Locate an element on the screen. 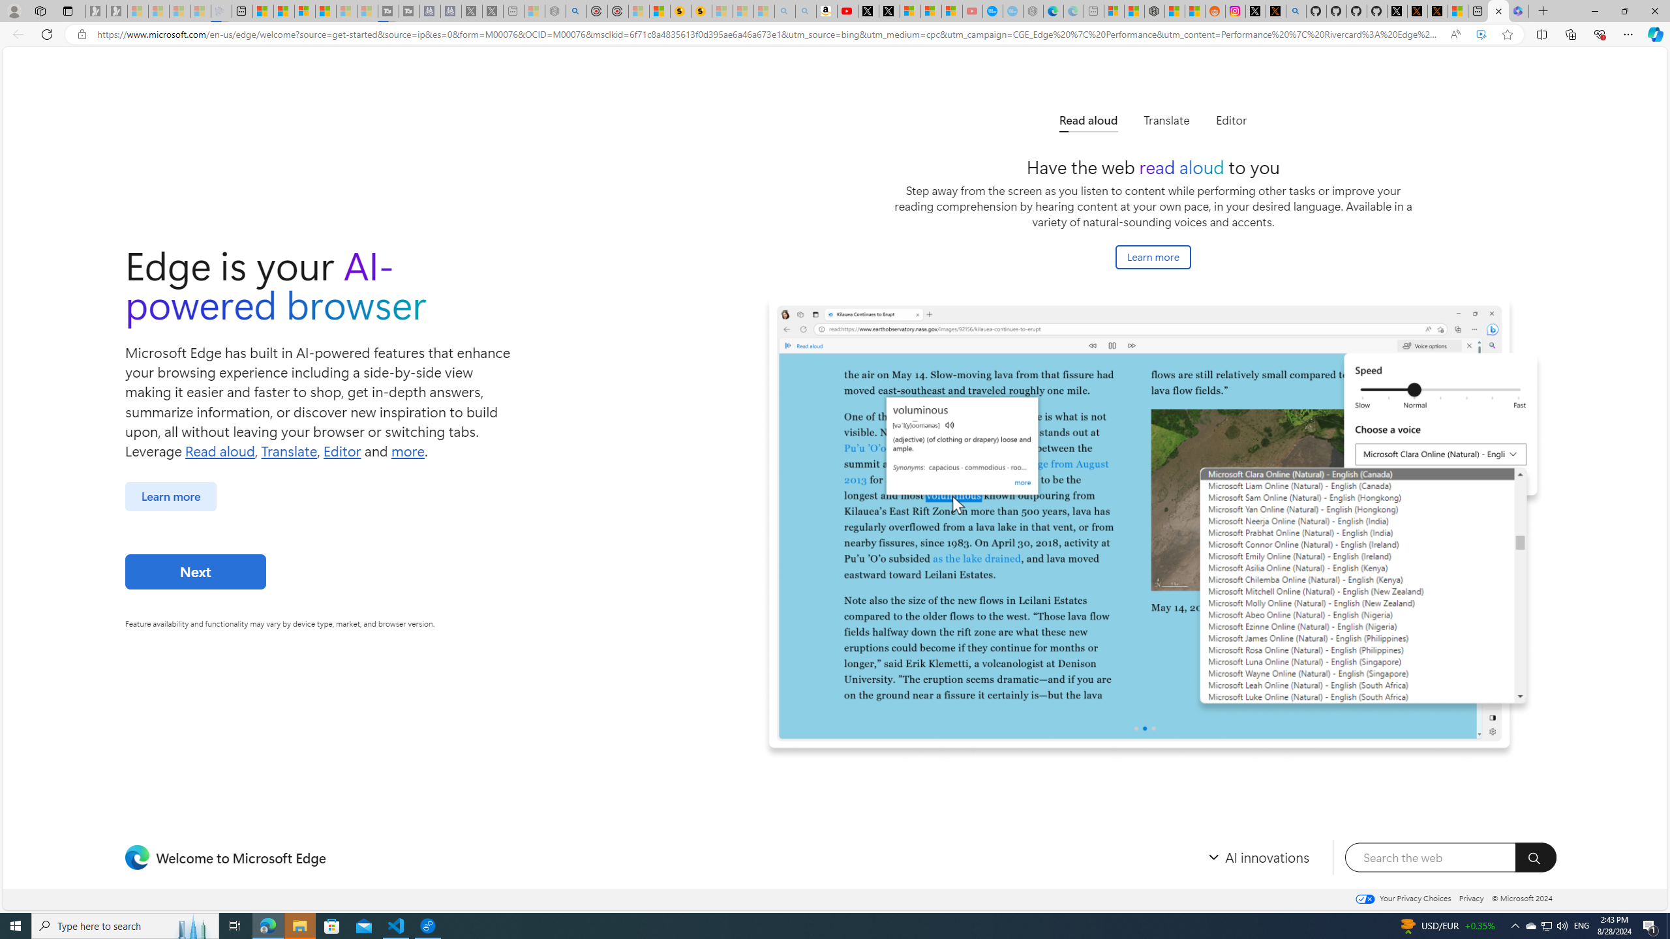 The width and height of the screenshot is (1670, 939). 'X Privacy Policy' is located at coordinates (1438, 10).